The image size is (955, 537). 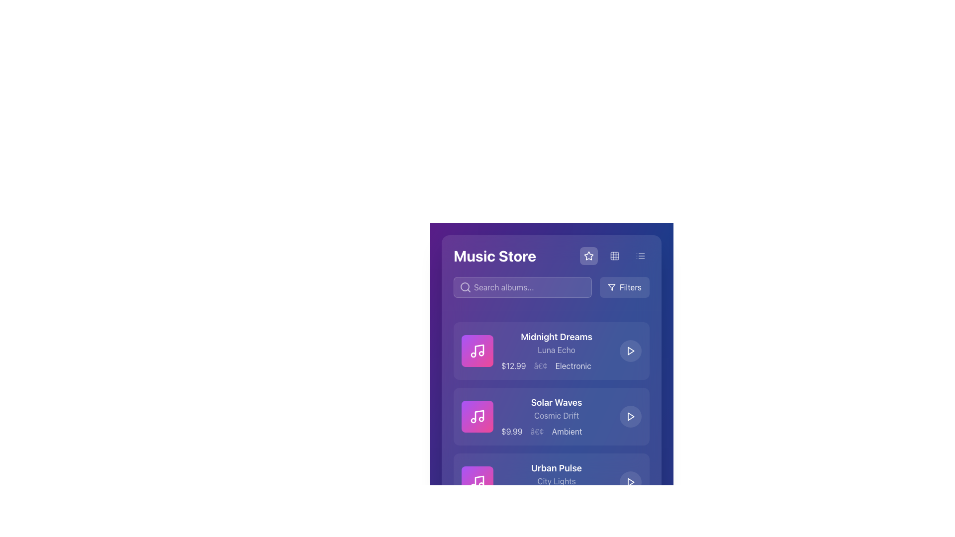 I want to click on the Play button icon, which is a white outlined triangle on a blue background, located to the right of the song titled 'Urban Pulse', so click(x=630, y=481).